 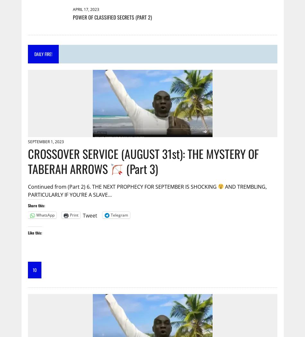 What do you see at coordinates (34, 269) in the screenshot?
I see `'10'` at bounding box center [34, 269].